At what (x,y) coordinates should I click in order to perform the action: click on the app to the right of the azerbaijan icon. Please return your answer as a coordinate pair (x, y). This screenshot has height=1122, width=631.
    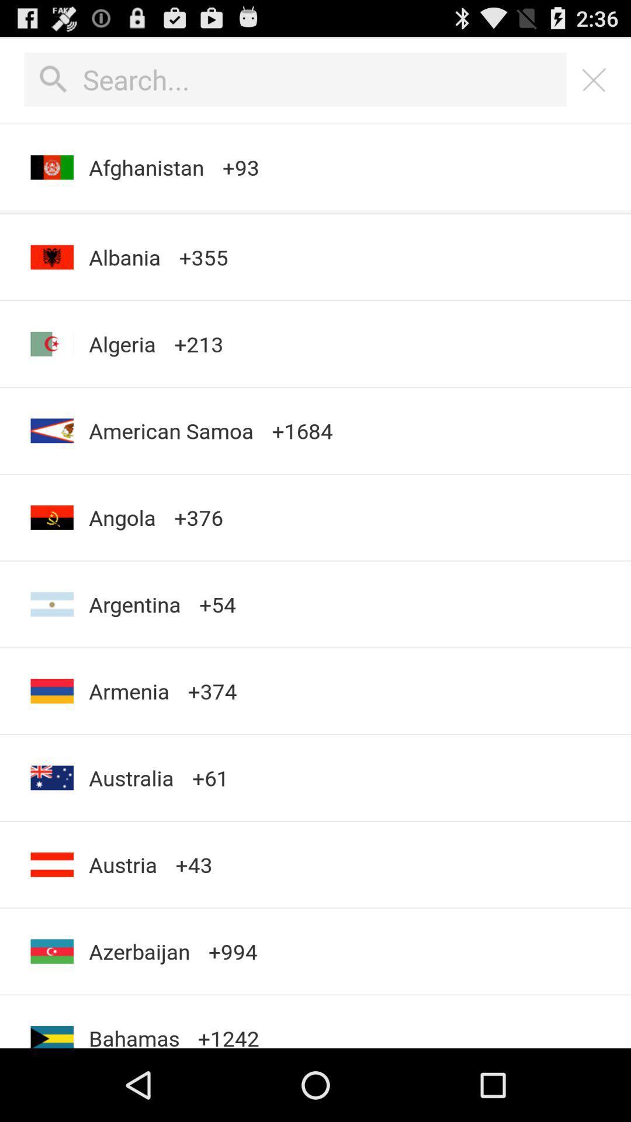
    Looking at the image, I should click on (228, 1021).